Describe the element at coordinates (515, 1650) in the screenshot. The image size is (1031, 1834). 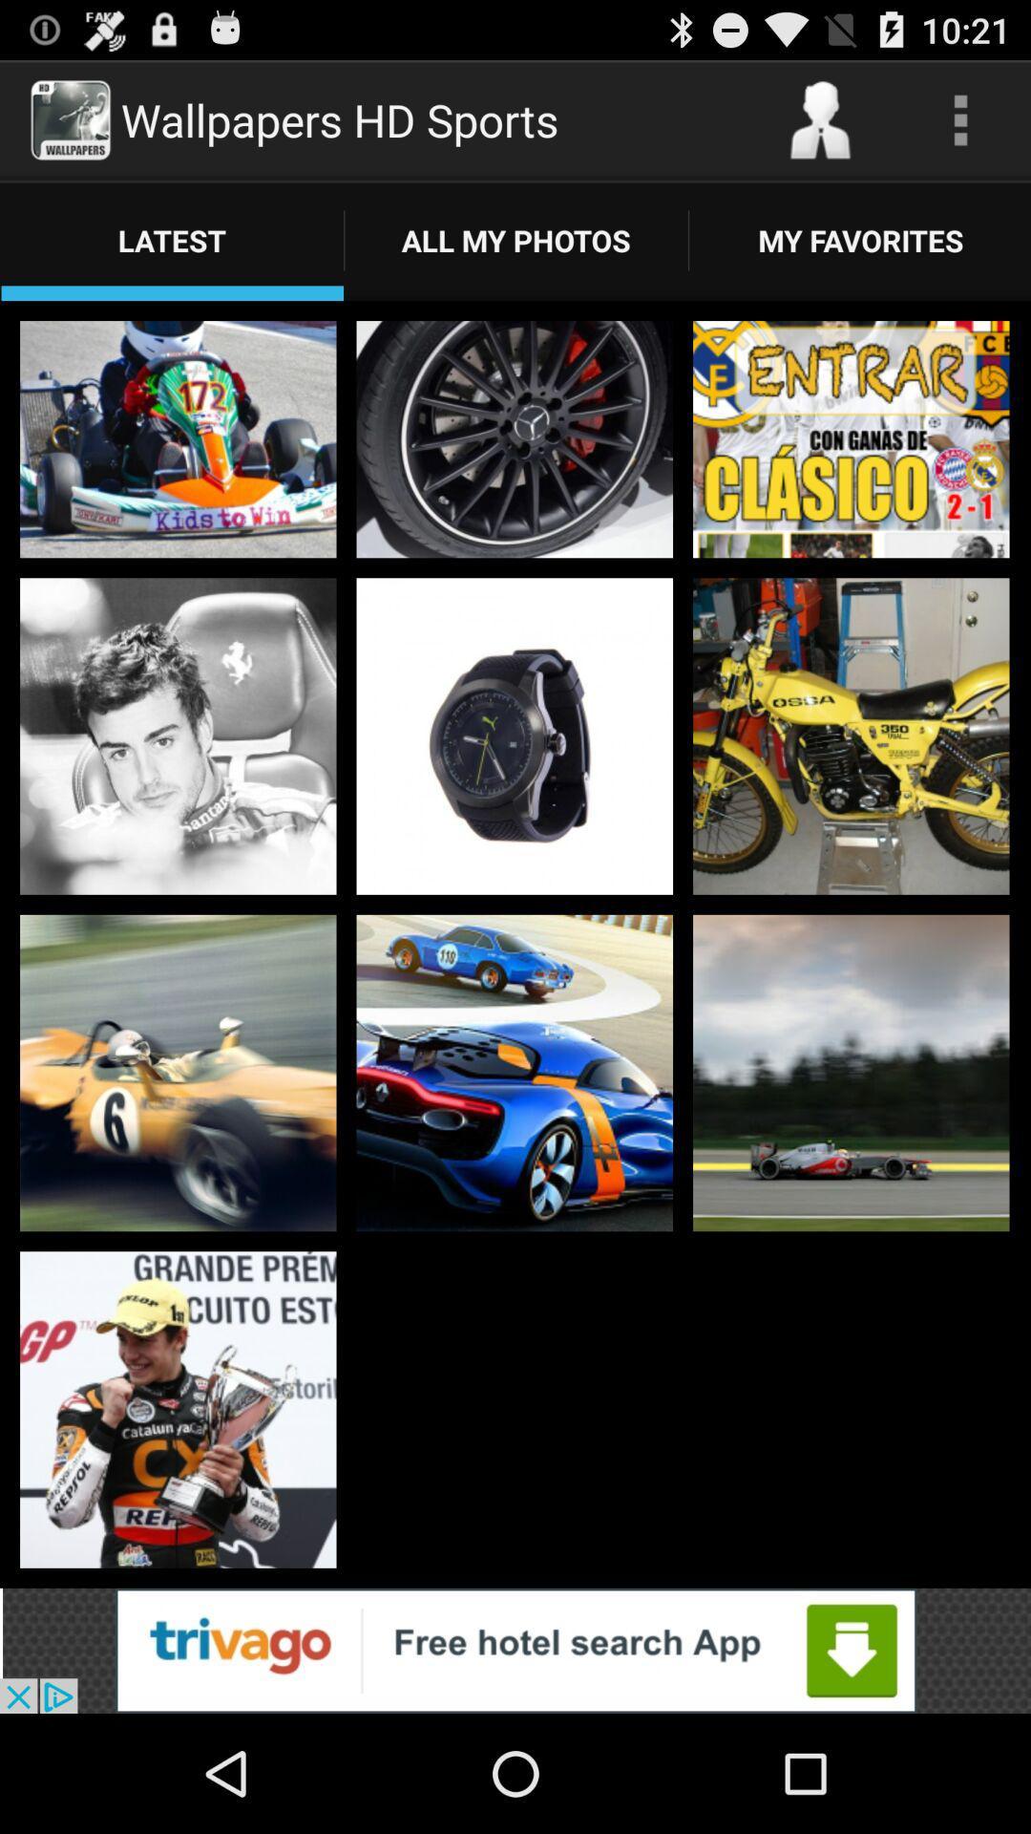
I see `choose advertisement` at that location.